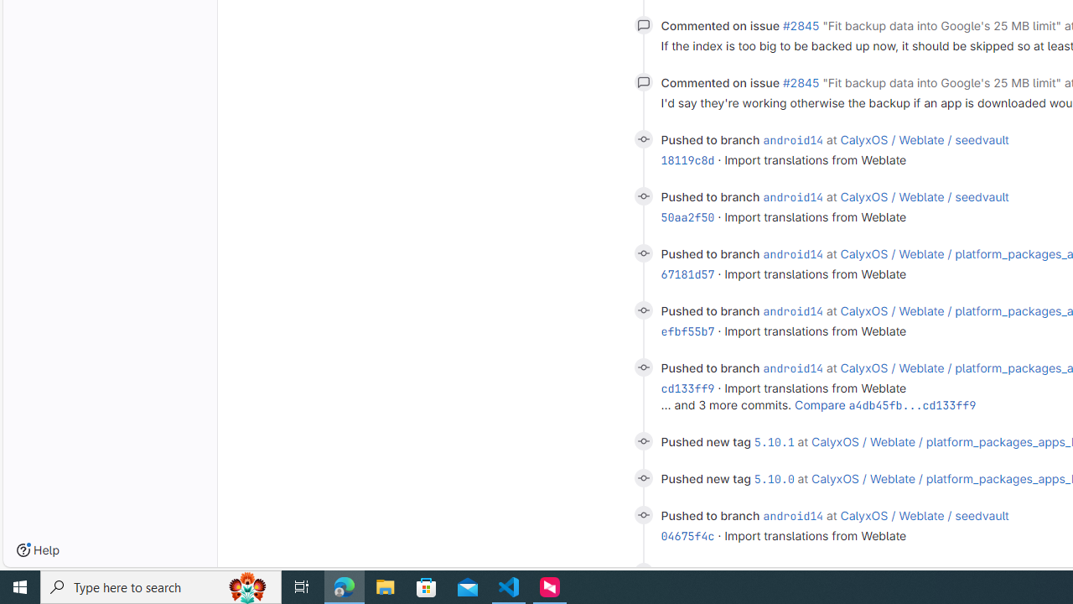 This screenshot has width=1073, height=604. What do you see at coordinates (687, 273) in the screenshot?
I see `'67181d57'` at bounding box center [687, 273].